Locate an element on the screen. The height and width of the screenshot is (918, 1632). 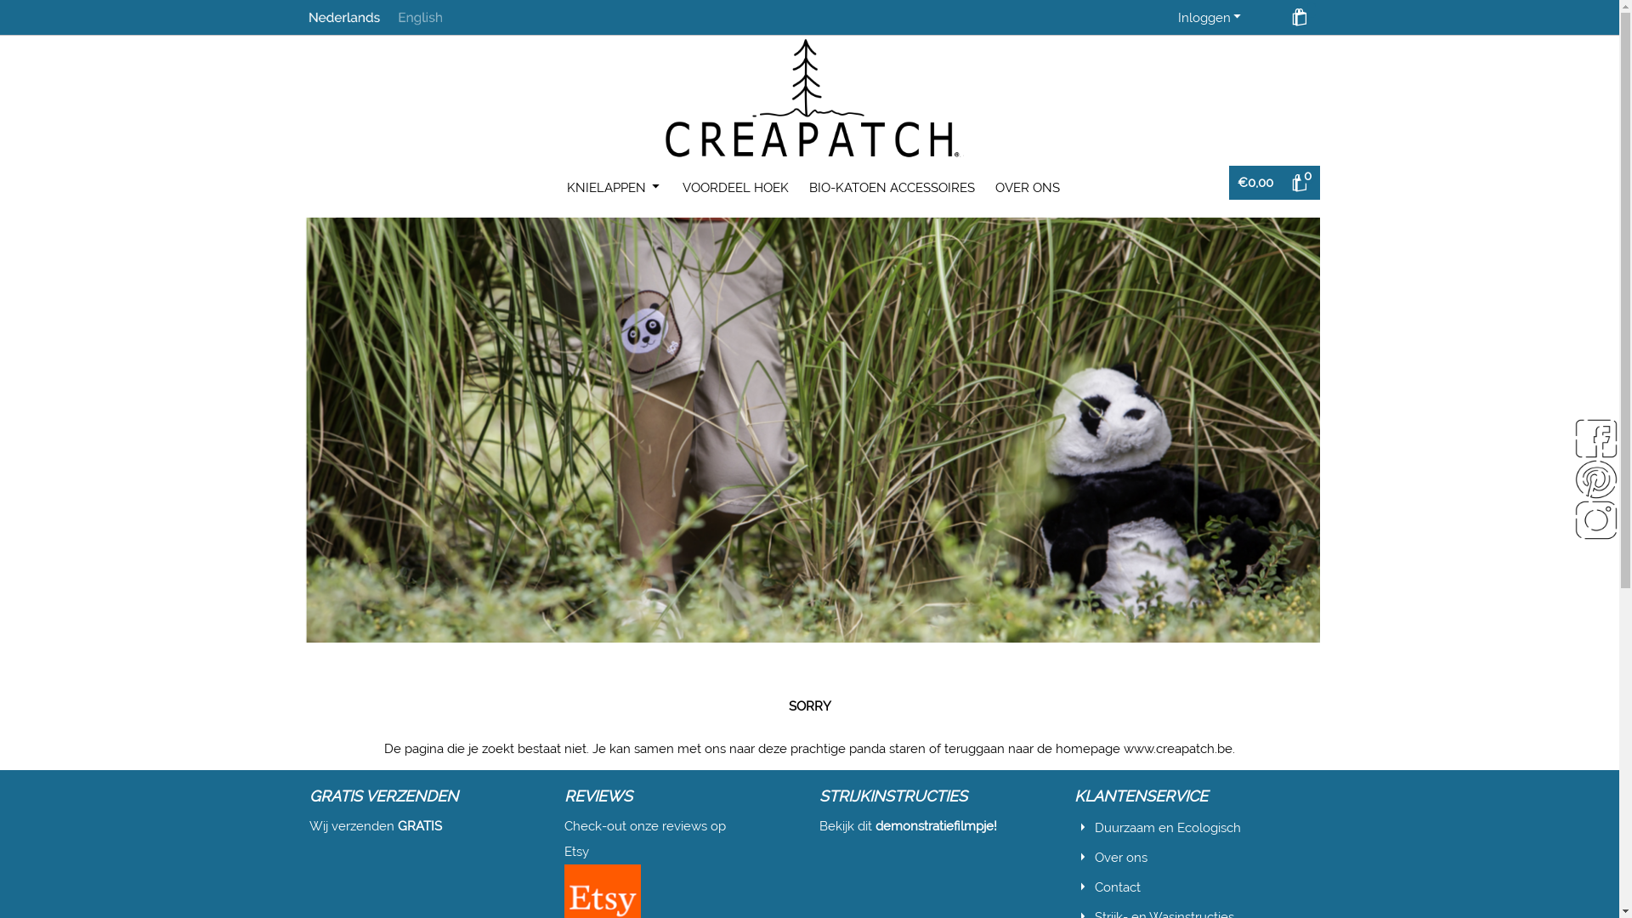
'demonstratiefilmpje!' is located at coordinates (935, 825).